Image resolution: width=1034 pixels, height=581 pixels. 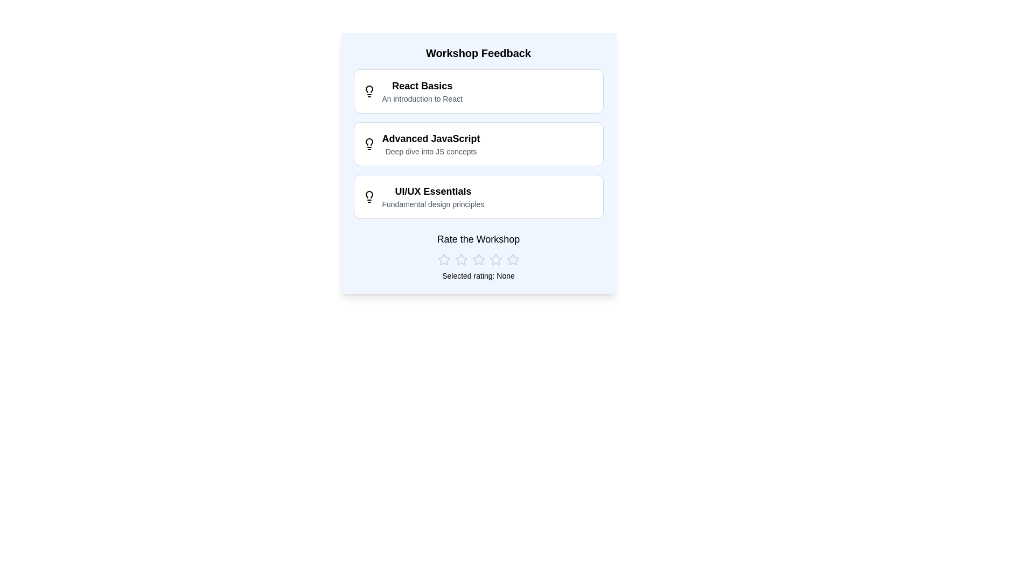 What do you see at coordinates (478, 197) in the screenshot?
I see `text 'UI/UX Essentials' and 'Fundamental design principles' from the descriptive text element which is the third entry in a vertical list of card layouts` at bounding box center [478, 197].